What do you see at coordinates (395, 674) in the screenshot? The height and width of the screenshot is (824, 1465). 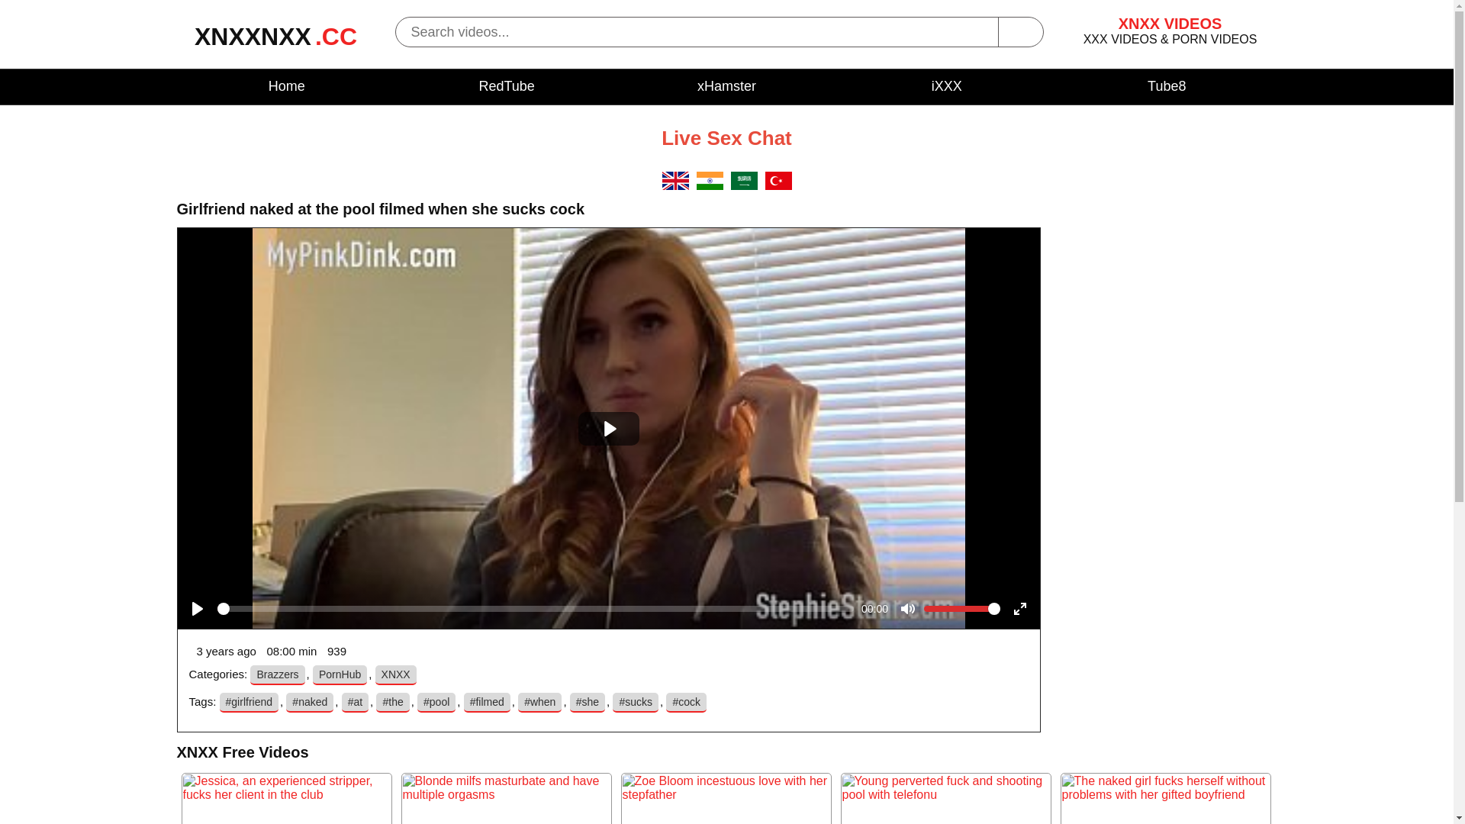 I see `'XNXX'` at bounding box center [395, 674].